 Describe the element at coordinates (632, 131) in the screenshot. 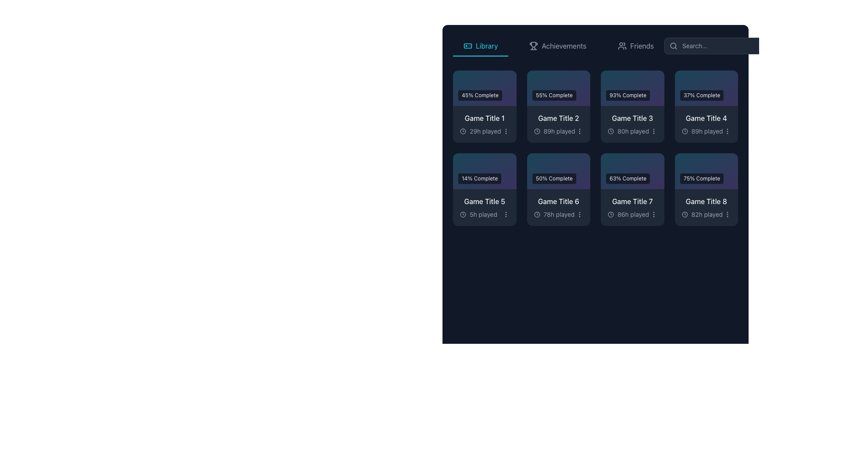

I see `the Informational Text with Icon displaying '80h played' next to a clock-shaped icon in the game card titled 'Game Title 3'` at that location.